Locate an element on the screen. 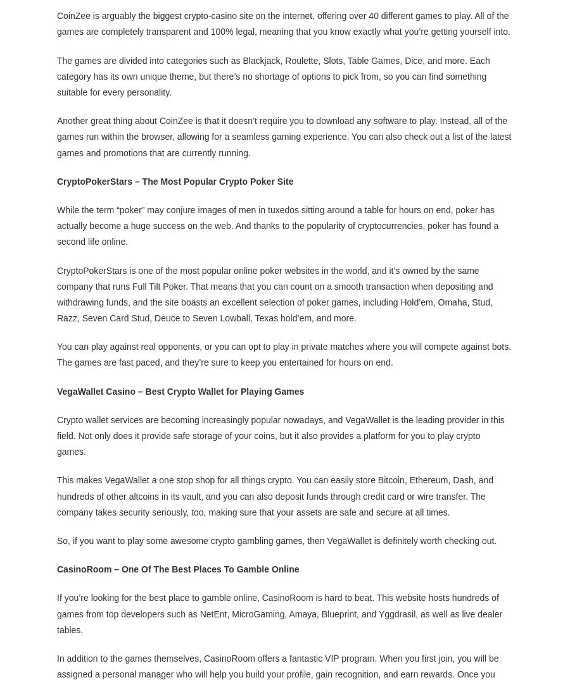 This screenshot has height=680, width=570. 'CoinZee is arguably the biggest crypto-casino site on the internet, offering over 40 different games to play. All of the games are completely transparent and 100% legal, meaning that you know exactly what you’re getting yourself into.' is located at coordinates (284, 22).